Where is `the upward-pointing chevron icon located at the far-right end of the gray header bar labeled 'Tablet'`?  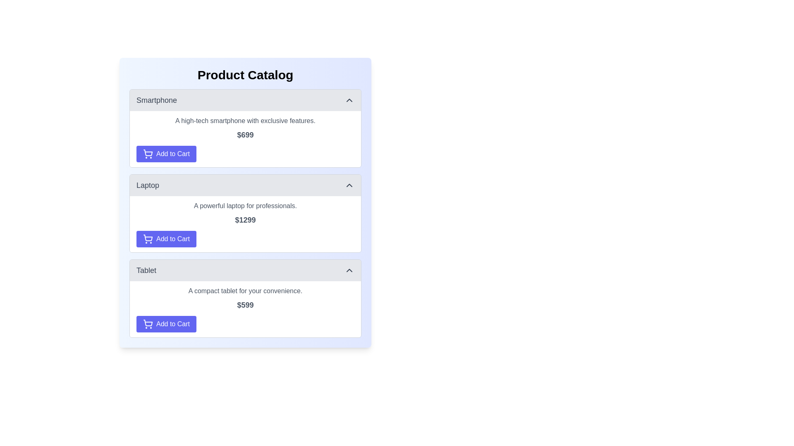 the upward-pointing chevron icon located at the far-right end of the gray header bar labeled 'Tablet' is located at coordinates (349, 270).